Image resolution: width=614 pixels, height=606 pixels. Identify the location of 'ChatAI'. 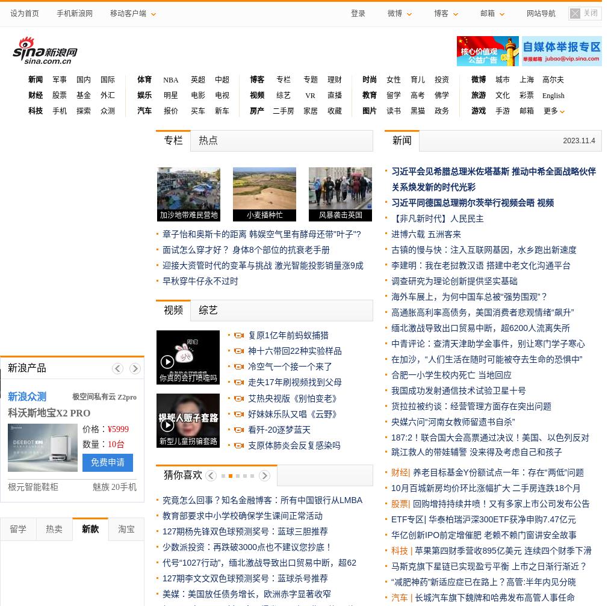
(164, 444).